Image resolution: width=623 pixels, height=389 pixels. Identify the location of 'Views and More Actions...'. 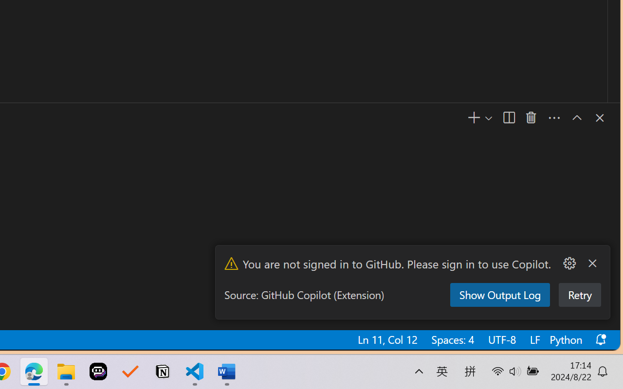
(553, 118).